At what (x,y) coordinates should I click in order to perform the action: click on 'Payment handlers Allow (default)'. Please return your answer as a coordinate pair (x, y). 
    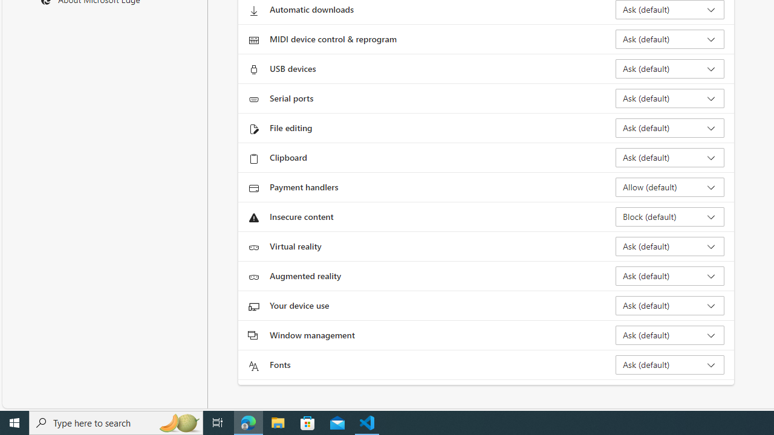
    Looking at the image, I should click on (669, 187).